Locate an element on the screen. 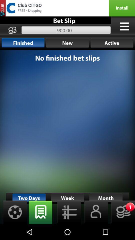 The image size is (135, 240). costumes is located at coordinates (124, 26).